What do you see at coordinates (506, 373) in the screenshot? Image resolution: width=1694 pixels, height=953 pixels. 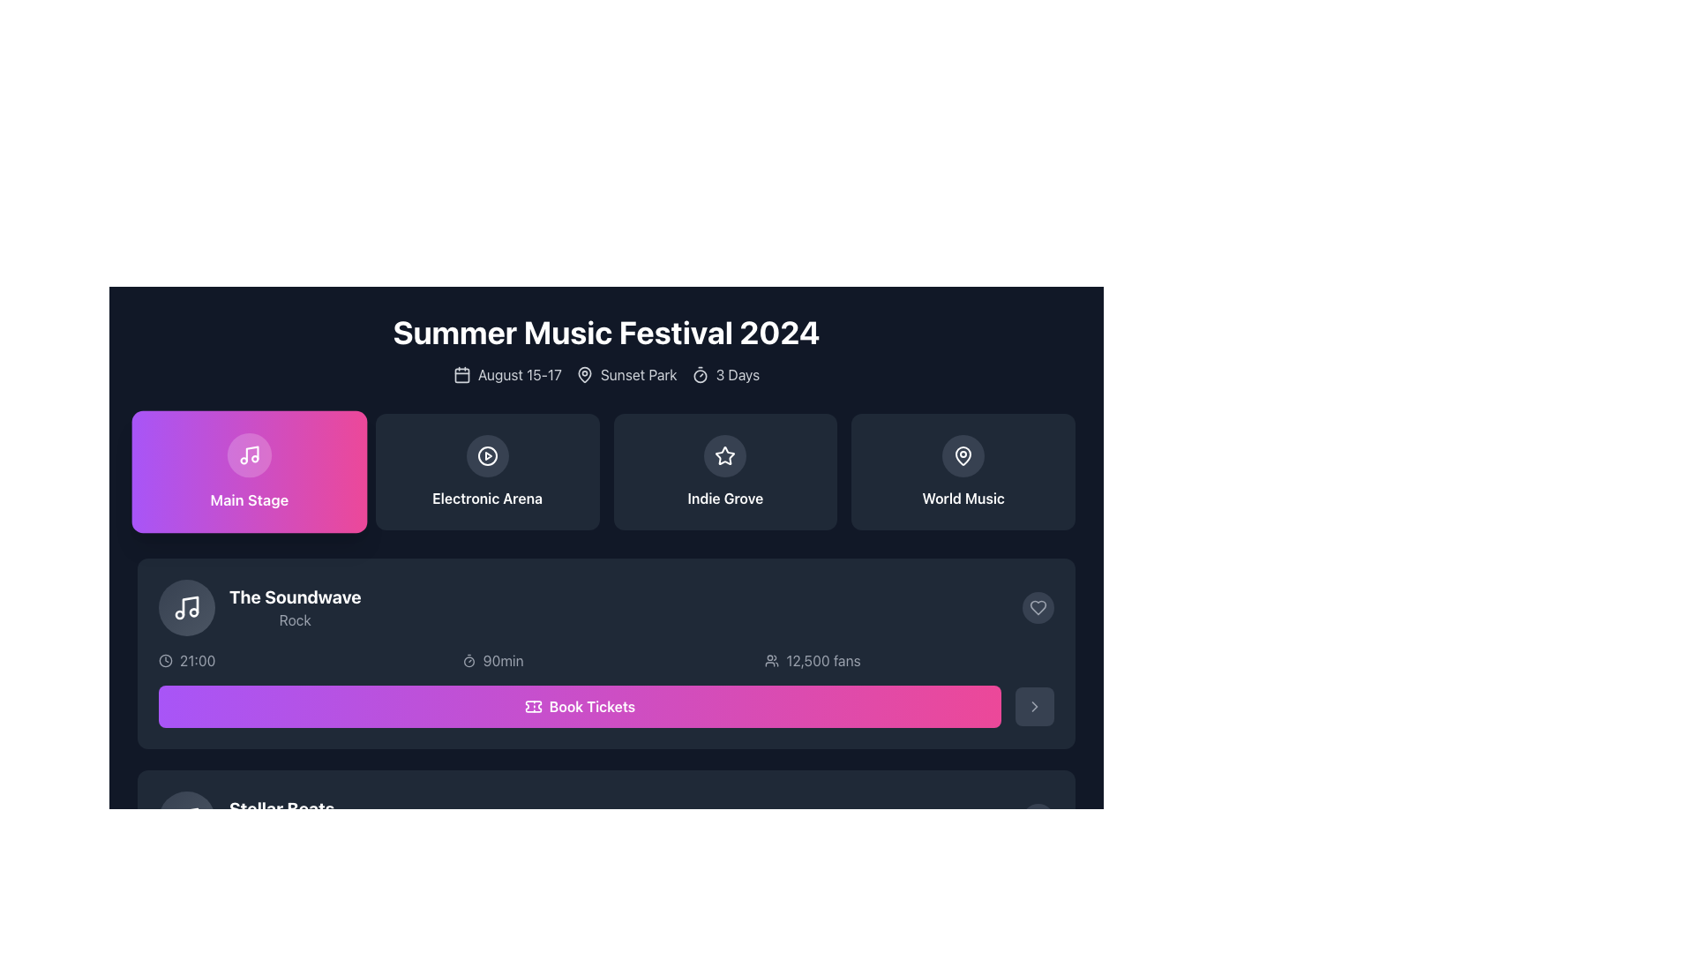 I see `the calendar icon and text element displaying 'August 15-17'` at bounding box center [506, 373].